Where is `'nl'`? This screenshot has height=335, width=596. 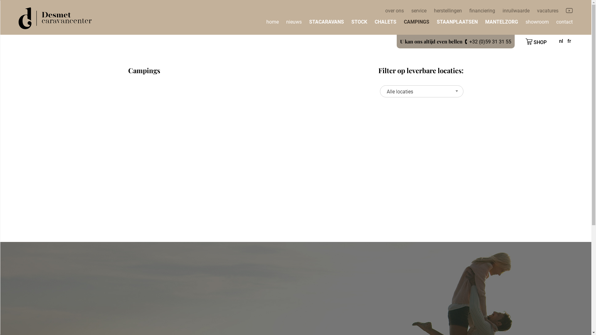
'nl' is located at coordinates (561, 41).